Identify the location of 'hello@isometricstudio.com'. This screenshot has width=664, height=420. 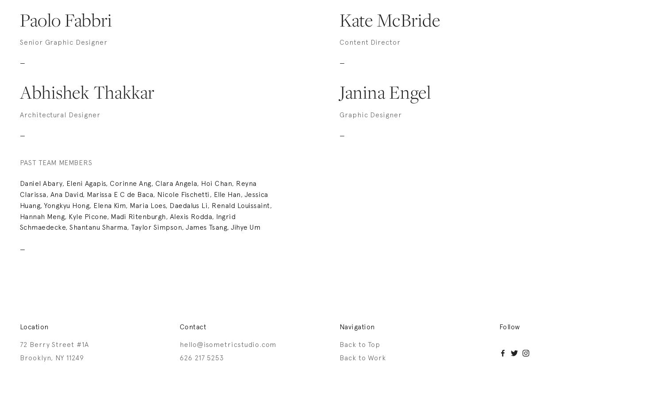
(228, 344).